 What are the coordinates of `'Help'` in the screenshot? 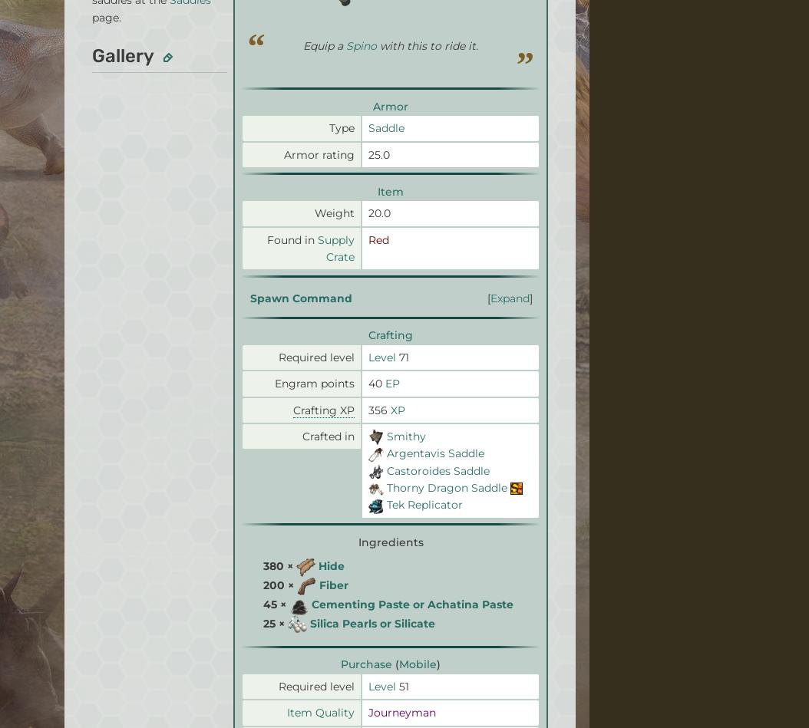 It's located at (342, 411).